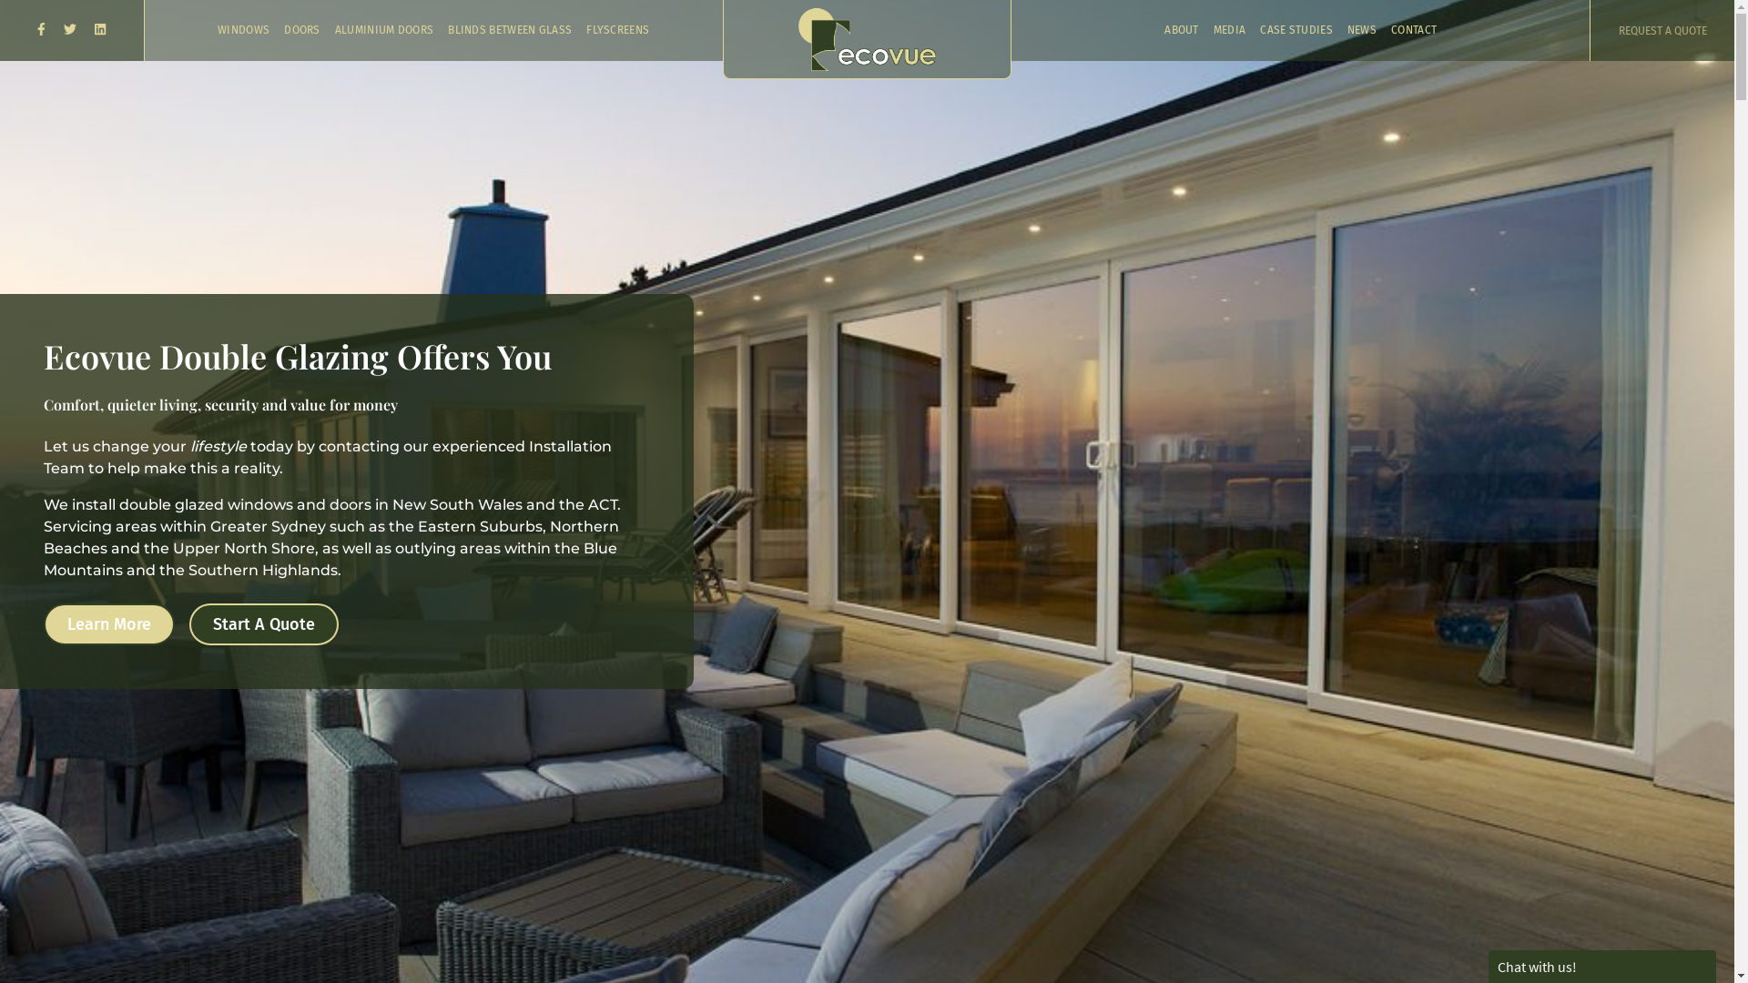  What do you see at coordinates (510, 30) in the screenshot?
I see `'BLINDS BETWEEN GLASS'` at bounding box center [510, 30].